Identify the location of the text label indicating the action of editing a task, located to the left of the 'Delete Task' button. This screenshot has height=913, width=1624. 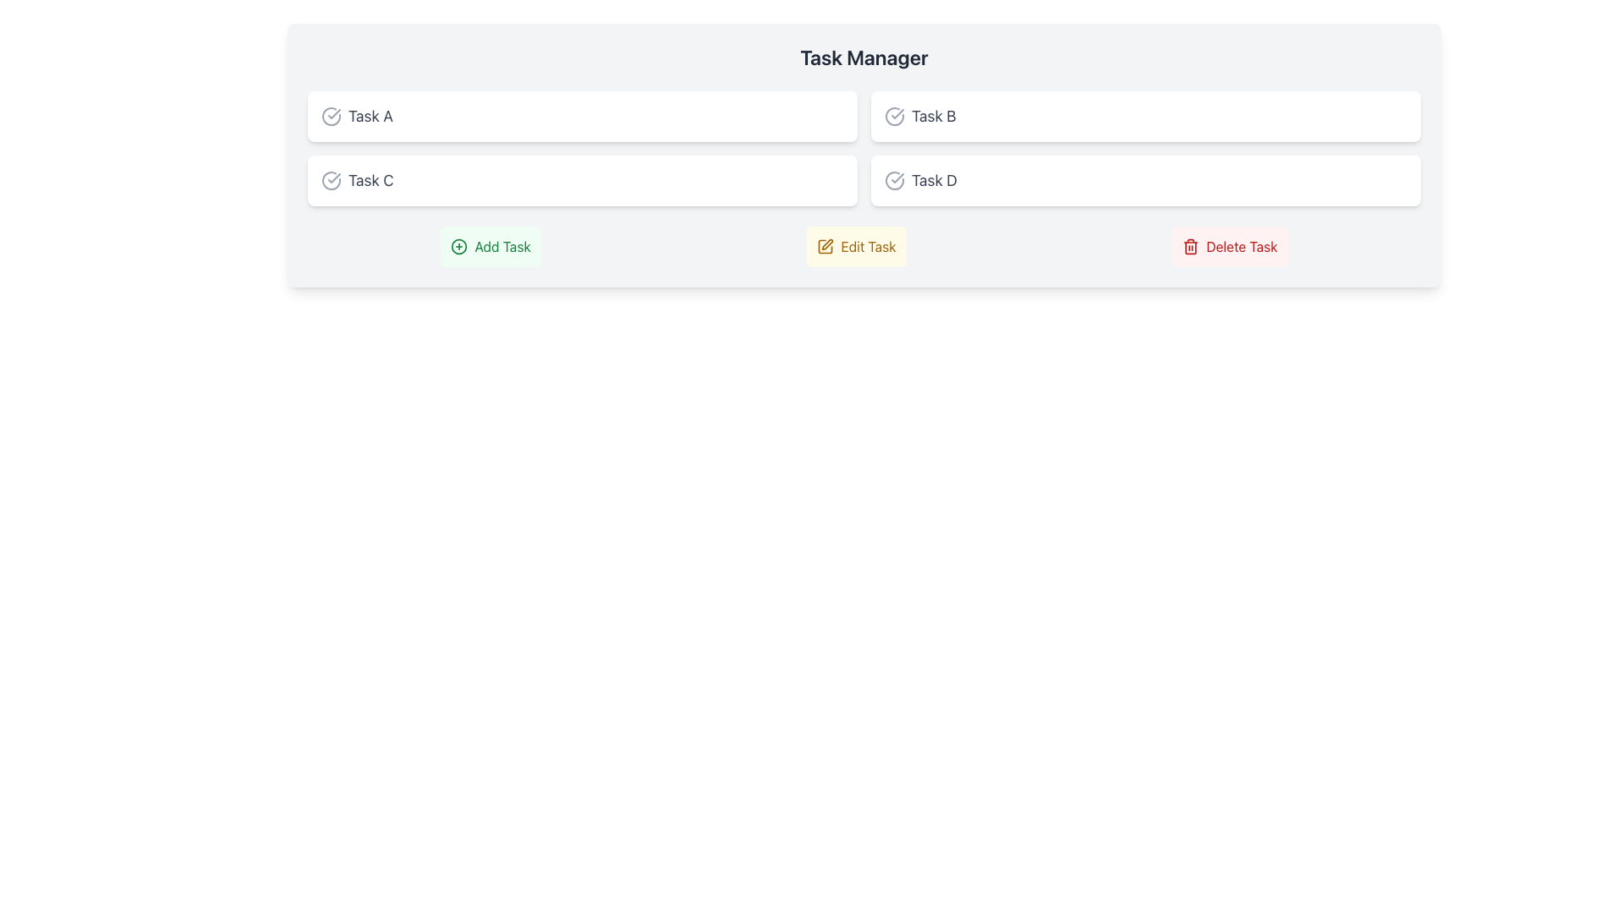
(869, 247).